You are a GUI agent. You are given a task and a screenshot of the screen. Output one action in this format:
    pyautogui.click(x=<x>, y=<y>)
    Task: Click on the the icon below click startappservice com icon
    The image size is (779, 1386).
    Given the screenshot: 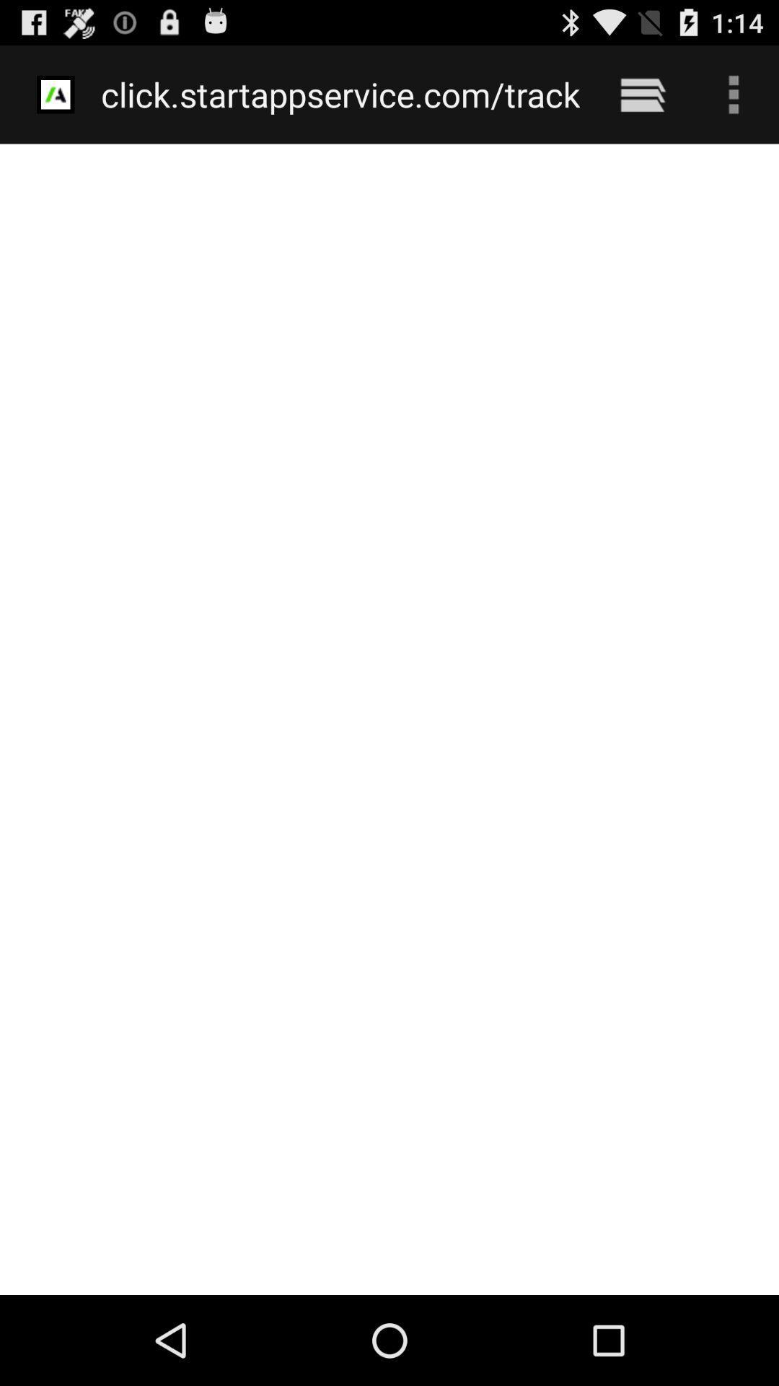 What is the action you would take?
    pyautogui.click(x=389, y=719)
    